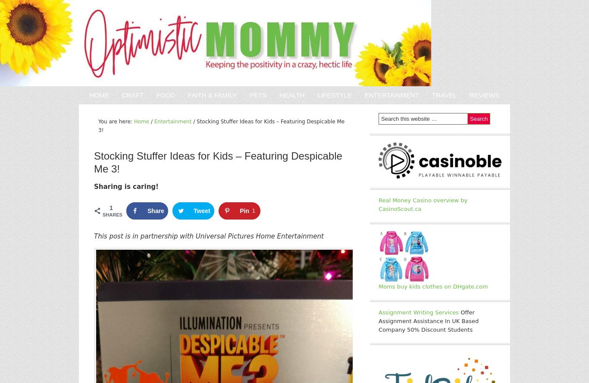 The width and height of the screenshot is (589, 383). What do you see at coordinates (291, 94) in the screenshot?
I see `'Health'` at bounding box center [291, 94].